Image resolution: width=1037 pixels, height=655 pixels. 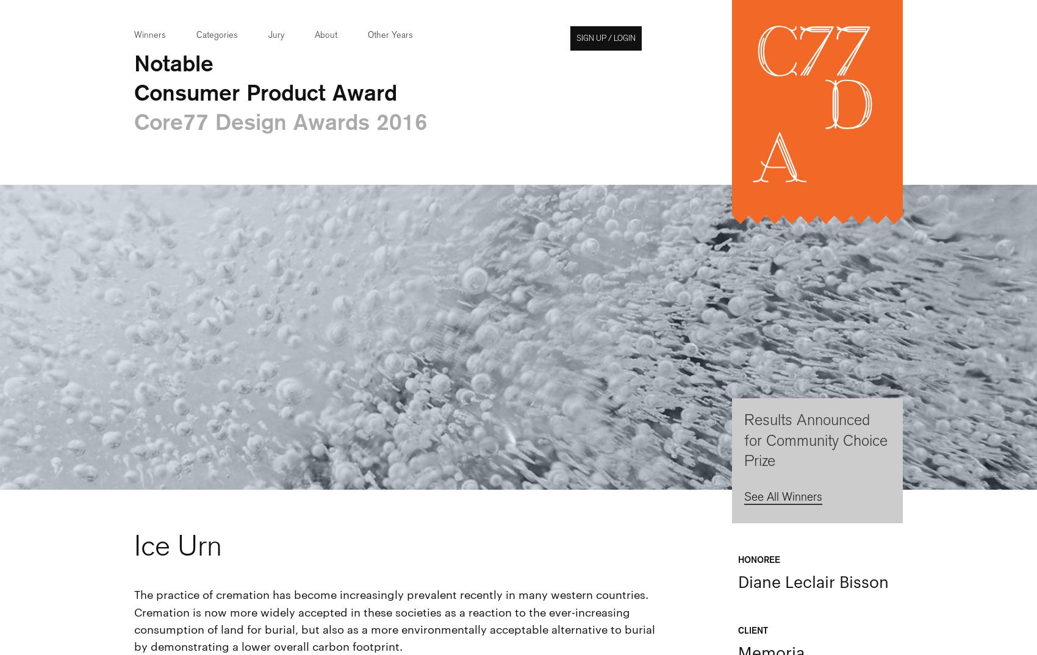 What do you see at coordinates (390, 34) in the screenshot?
I see `'Other Years'` at bounding box center [390, 34].